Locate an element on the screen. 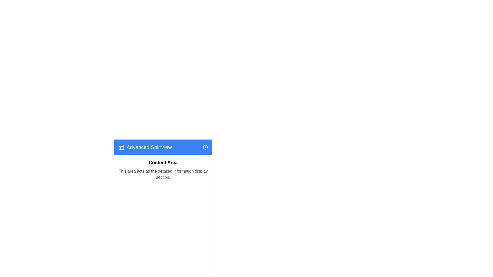 Image resolution: width=493 pixels, height=277 pixels. text content of the text label displaying 'This area acts as the detailed information display section.' which is located below the 'Content Area' text label is located at coordinates (163, 174).